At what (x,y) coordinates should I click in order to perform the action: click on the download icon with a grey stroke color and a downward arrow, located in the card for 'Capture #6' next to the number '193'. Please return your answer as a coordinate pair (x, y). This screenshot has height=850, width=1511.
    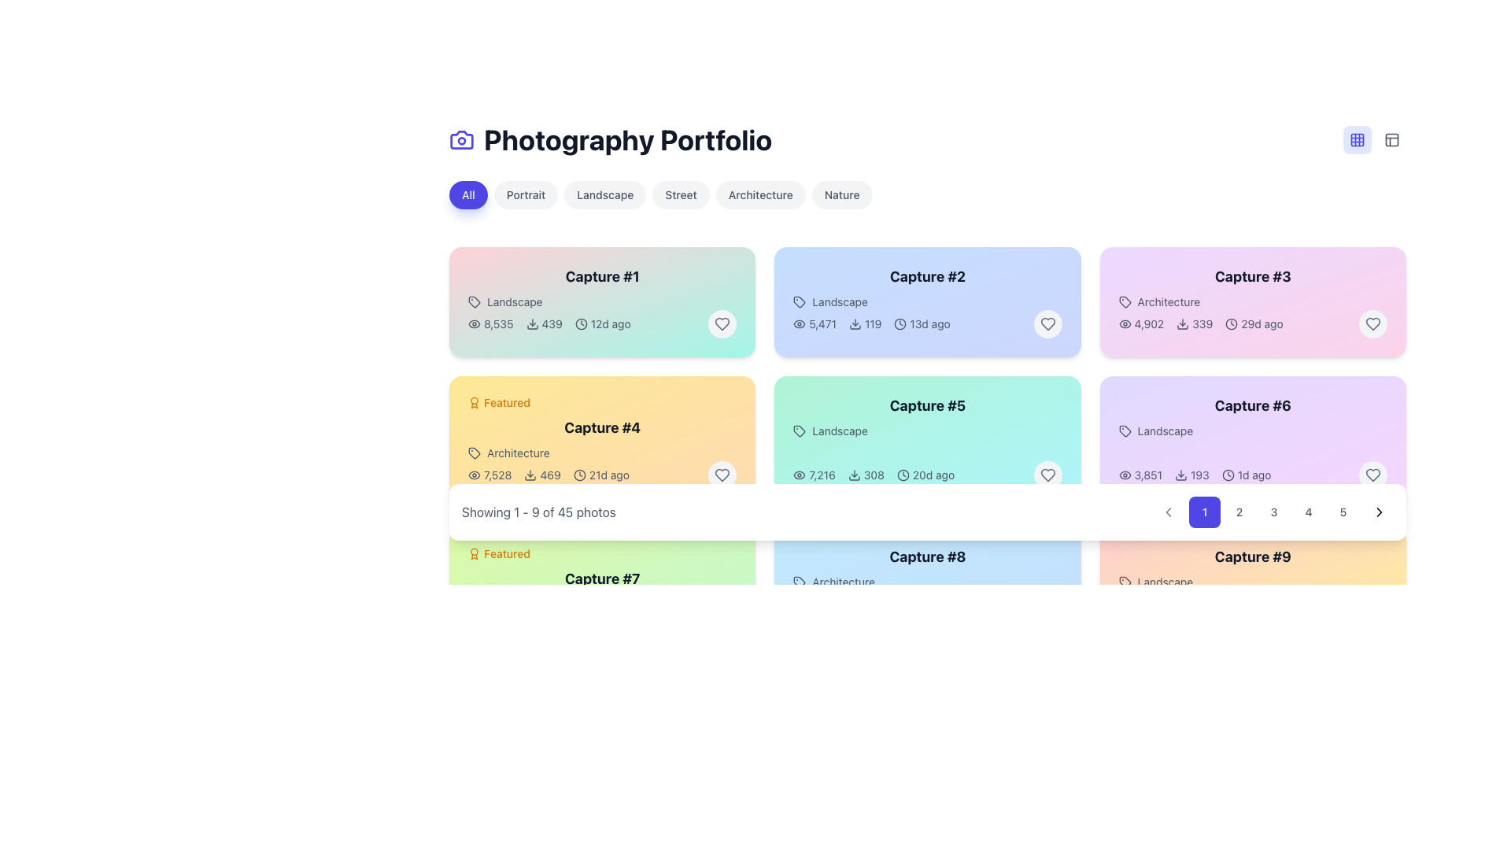
    Looking at the image, I should click on (1181, 475).